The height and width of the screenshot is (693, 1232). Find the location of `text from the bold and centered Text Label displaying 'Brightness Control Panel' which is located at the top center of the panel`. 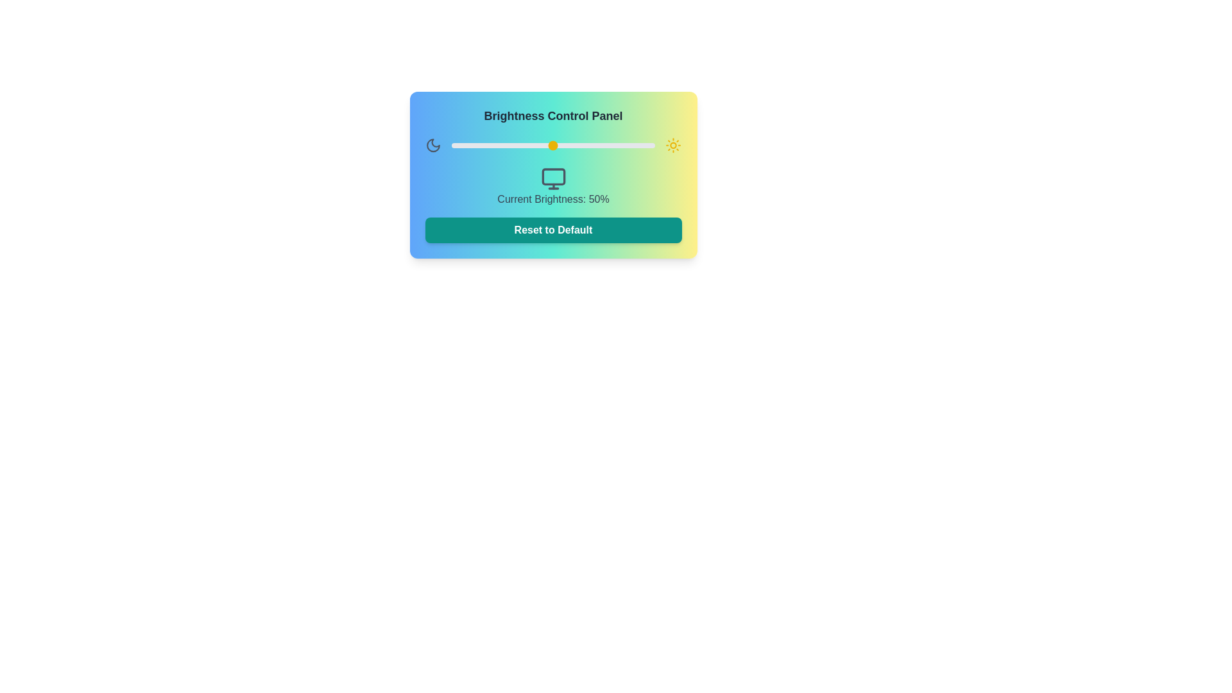

text from the bold and centered Text Label displaying 'Brightness Control Panel' which is located at the top center of the panel is located at coordinates (553, 116).